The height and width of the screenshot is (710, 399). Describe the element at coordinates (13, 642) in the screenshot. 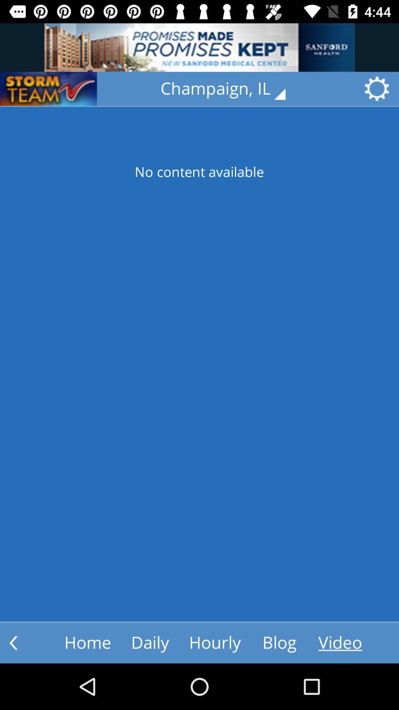

I see `the arrow_backward icon` at that location.